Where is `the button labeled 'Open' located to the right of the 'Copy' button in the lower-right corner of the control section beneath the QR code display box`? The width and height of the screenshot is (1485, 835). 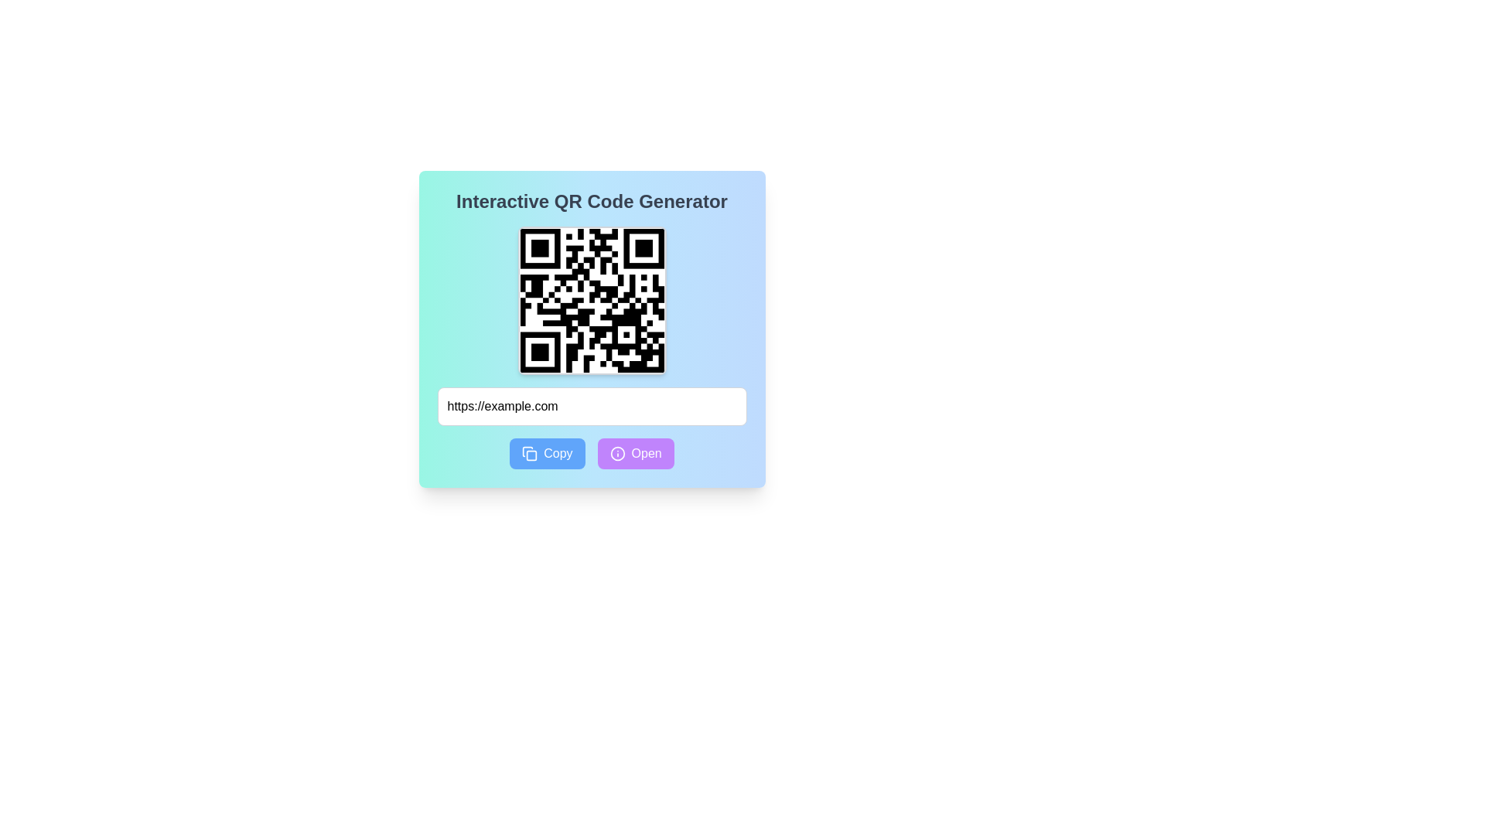 the button labeled 'Open' located to the right of the 'Copy' button in the lower-right corner of the control section beneath the QR code display box is located at coordinates (635, 452).